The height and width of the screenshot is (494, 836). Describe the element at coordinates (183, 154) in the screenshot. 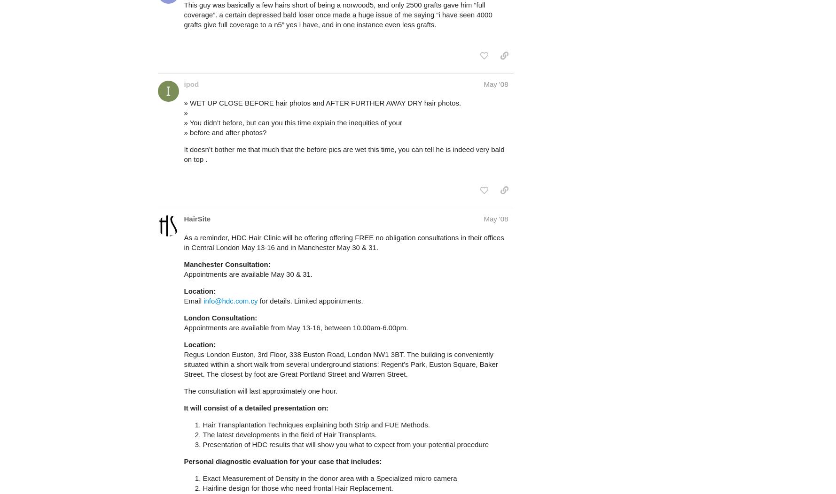

I see `'It doesn’t bother me that much that the before pics are wet this time, you can tell he is indeed very bald on top .'` at that location.